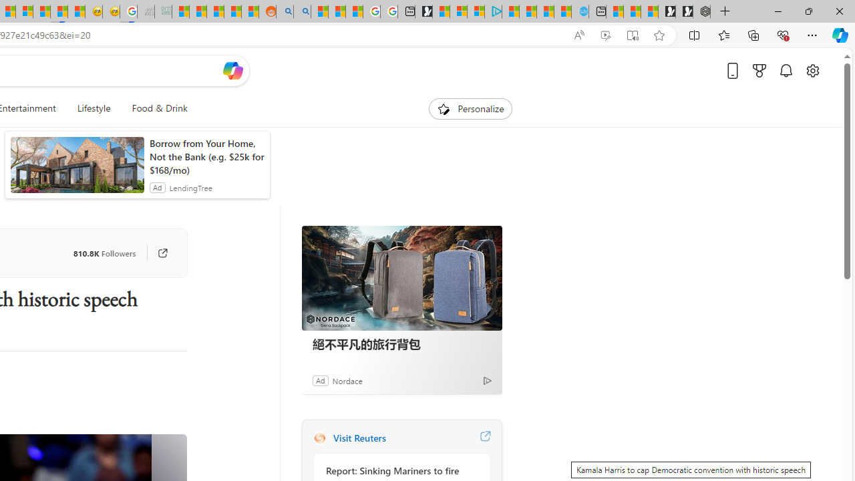 This screenshot has width=855, height=481. What do you see at coordinates (605, 35) in the screenshot?
I see `'Enhance video'` at bounding box center [605, 35].